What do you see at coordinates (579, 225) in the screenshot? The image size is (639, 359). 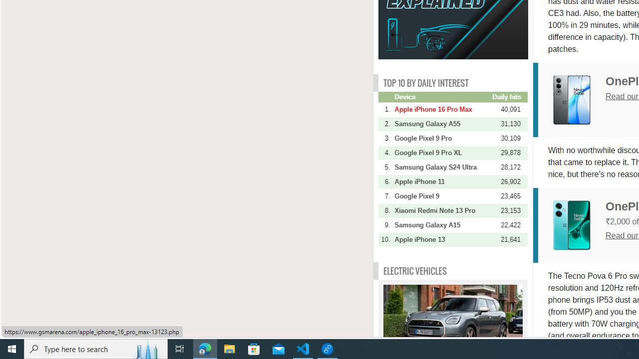 I see `'OnePlus Nord CE3'` at bounding box center [579, 225].